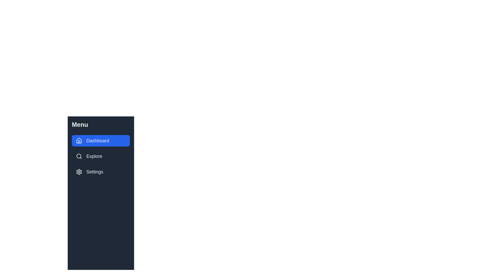 The image size is (498, 280). I want to click on the Navigation Button labeled 'Dashboard' with a house icon in the left sidebar menu, so click(101, 141).